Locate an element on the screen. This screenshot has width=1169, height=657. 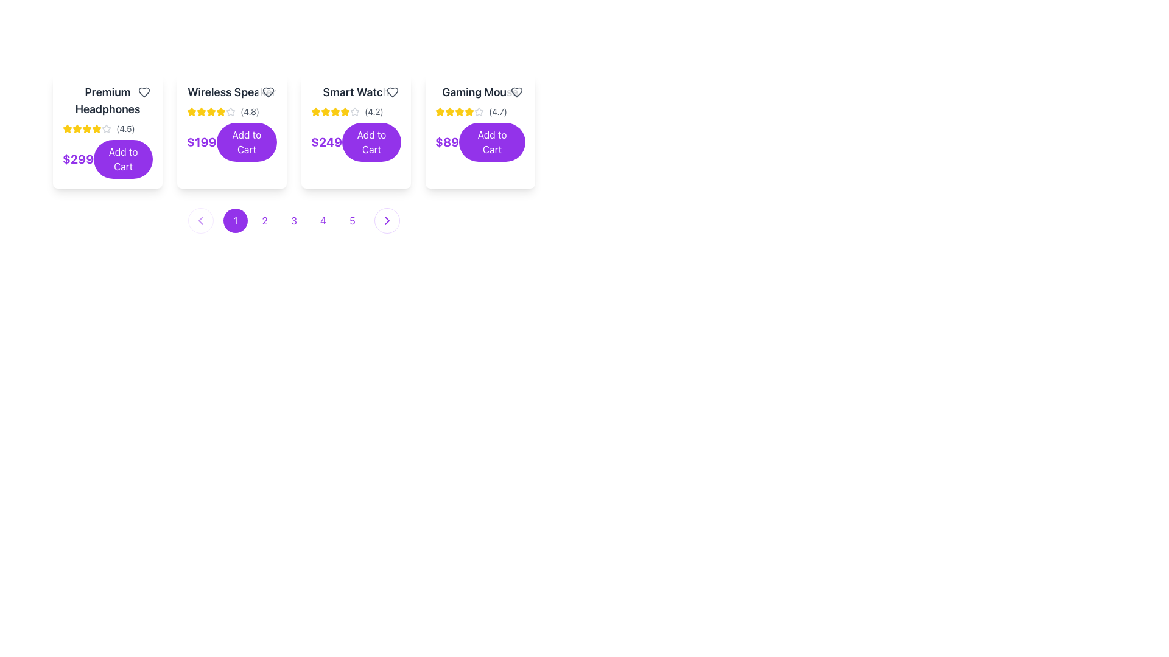
the 'favorite' or 'wishlist' button located at the top-right corner of the 'Premium Headphones' card, which is visible above the rating stars is located at coordinates (144, 91).